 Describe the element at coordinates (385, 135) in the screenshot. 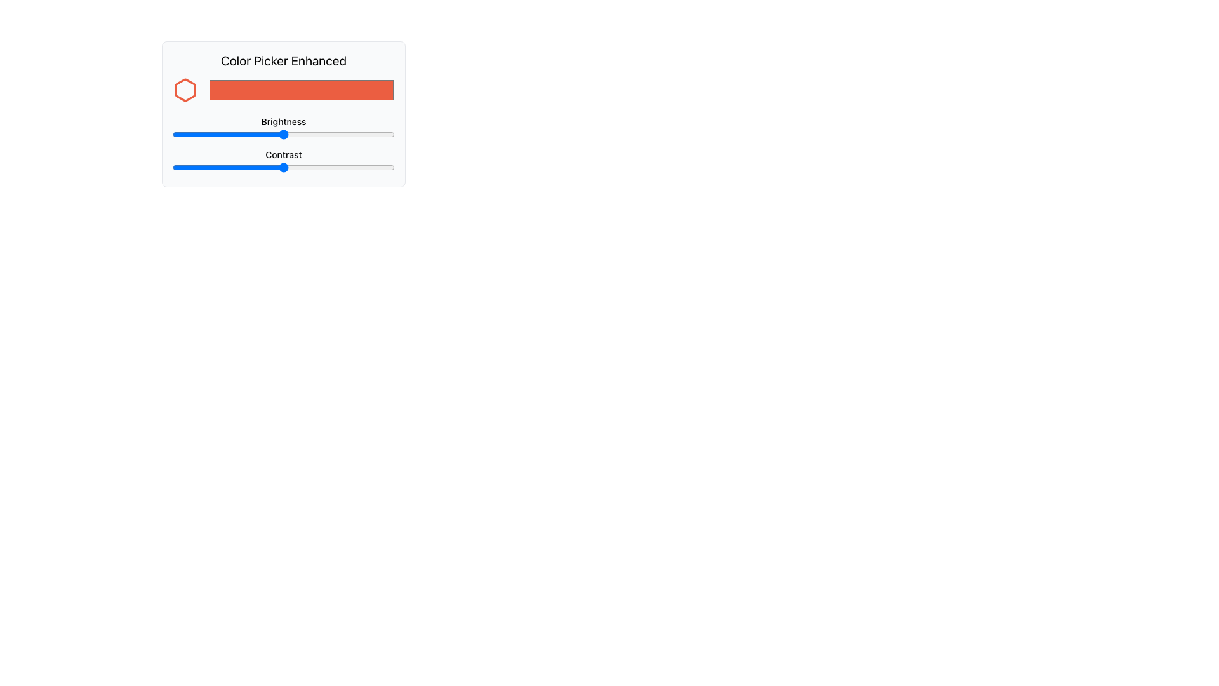

I see `brightness level` at that location.